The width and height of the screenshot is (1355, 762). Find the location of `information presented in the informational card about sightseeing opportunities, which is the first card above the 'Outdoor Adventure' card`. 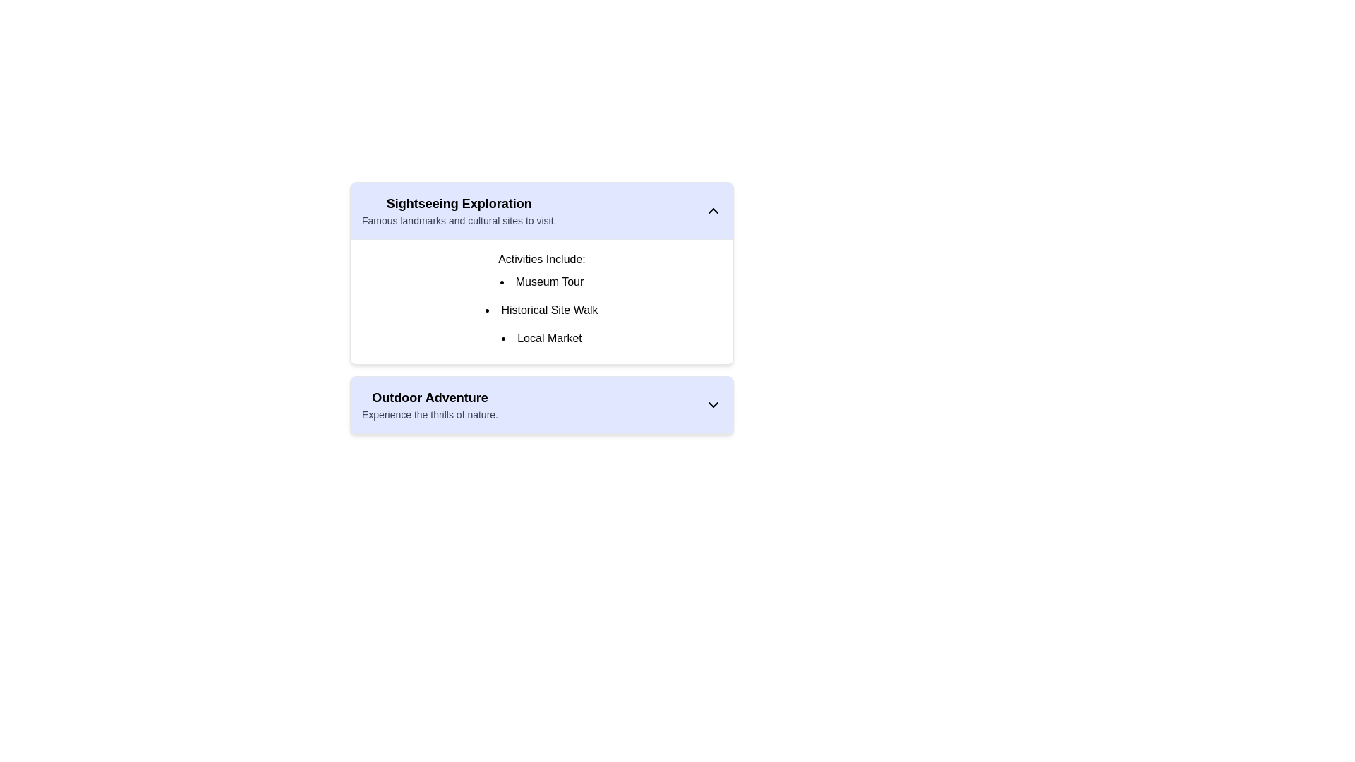

information presented in the informational card about sightseeing opportunities, which is the first card above the 'Outdoor Adventure' card is located at coordinates (541, 273).